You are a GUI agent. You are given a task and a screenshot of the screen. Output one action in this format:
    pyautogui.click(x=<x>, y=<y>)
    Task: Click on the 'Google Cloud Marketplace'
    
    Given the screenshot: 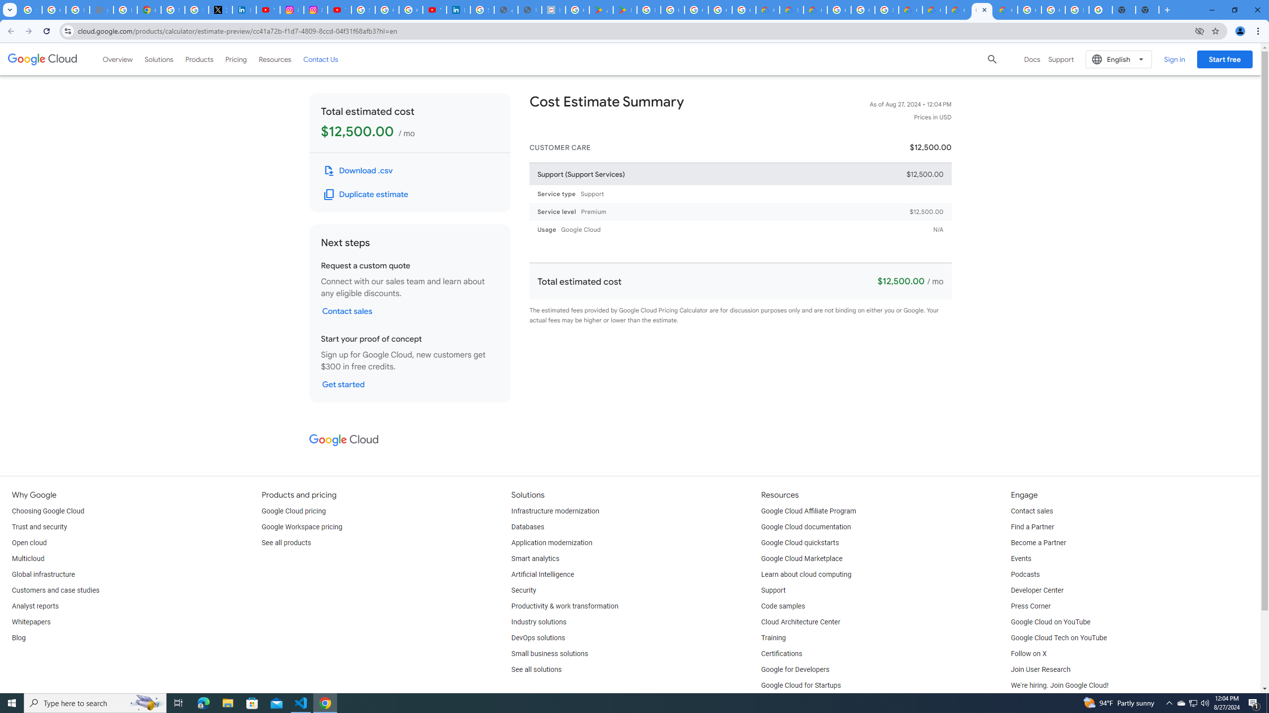 What is the action you would take?
    pyautogui.click(x=802, y=558)
    